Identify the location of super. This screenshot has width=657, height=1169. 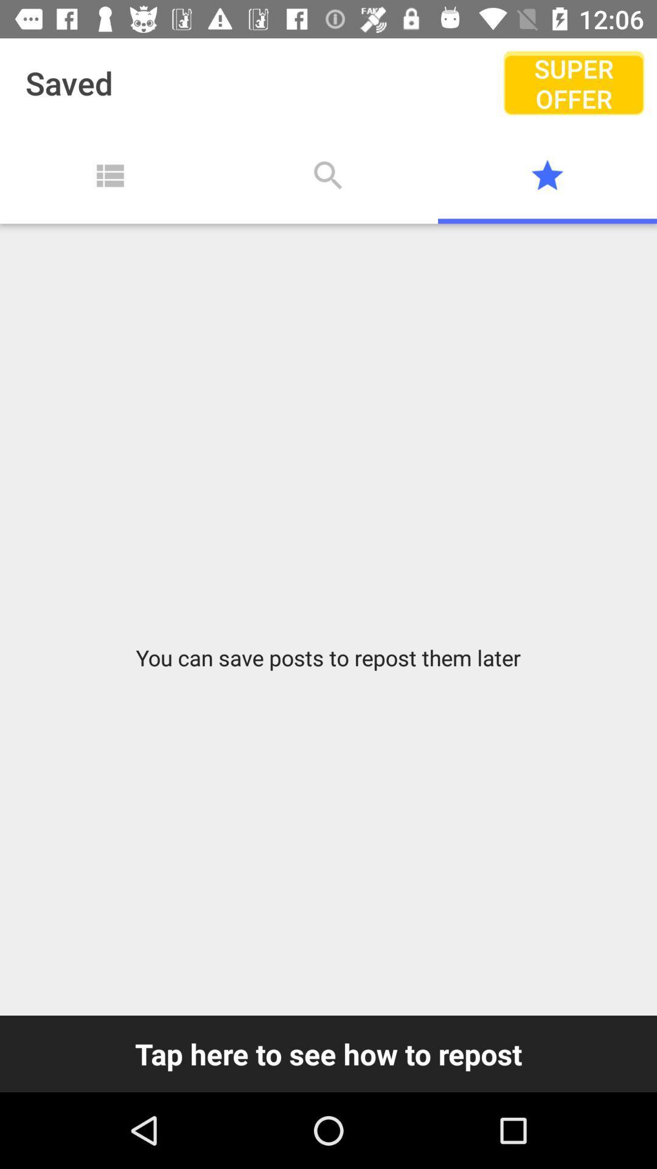
(574, 82).